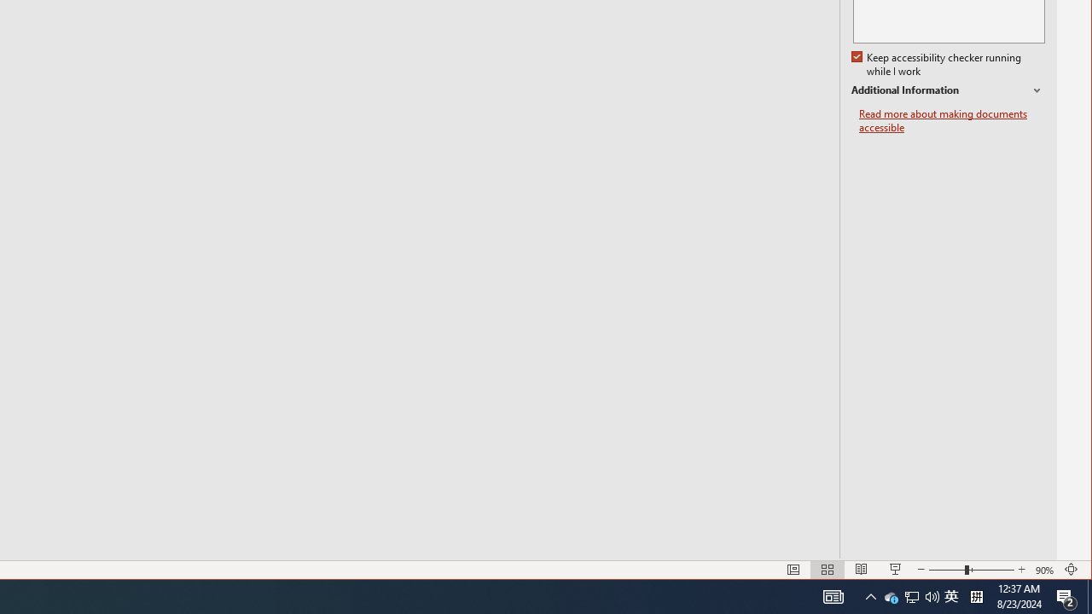  I want to click on 'Zoom 90%', so click(1044, 570).